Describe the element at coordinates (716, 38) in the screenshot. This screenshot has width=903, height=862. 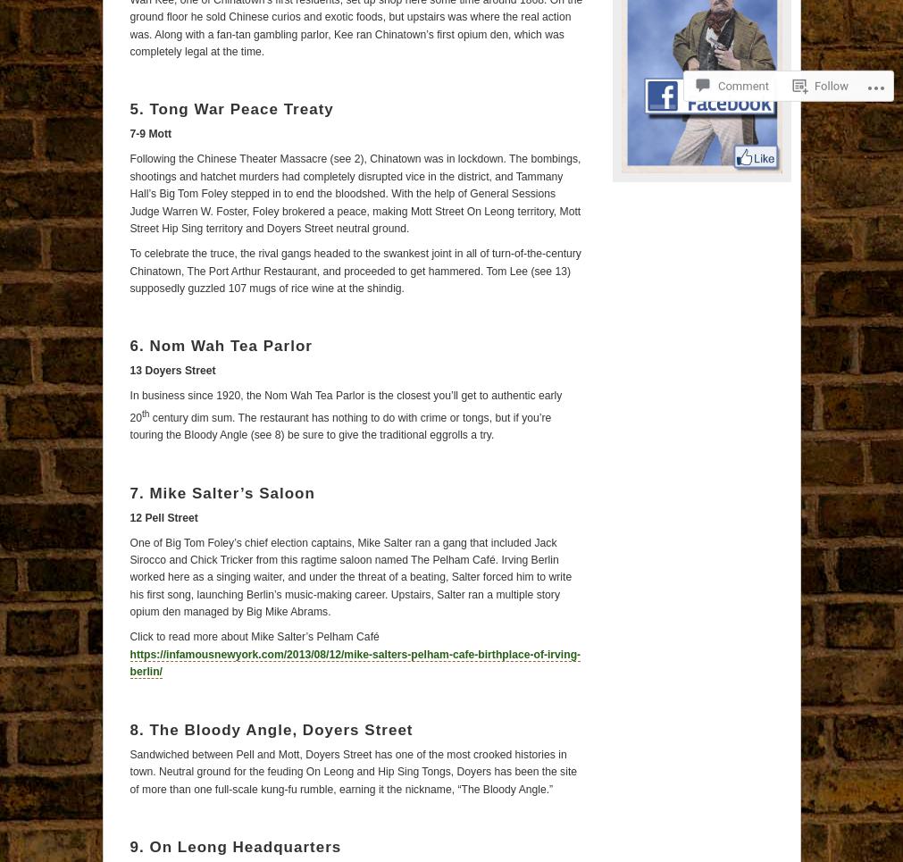
I see `'Comment'` at that location.